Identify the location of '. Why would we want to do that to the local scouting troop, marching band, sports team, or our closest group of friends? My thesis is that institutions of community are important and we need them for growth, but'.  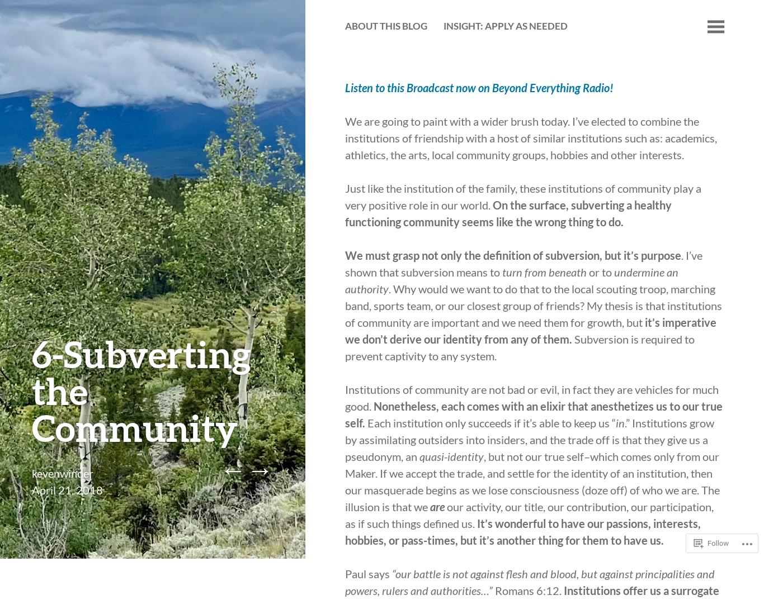
(534, 304).